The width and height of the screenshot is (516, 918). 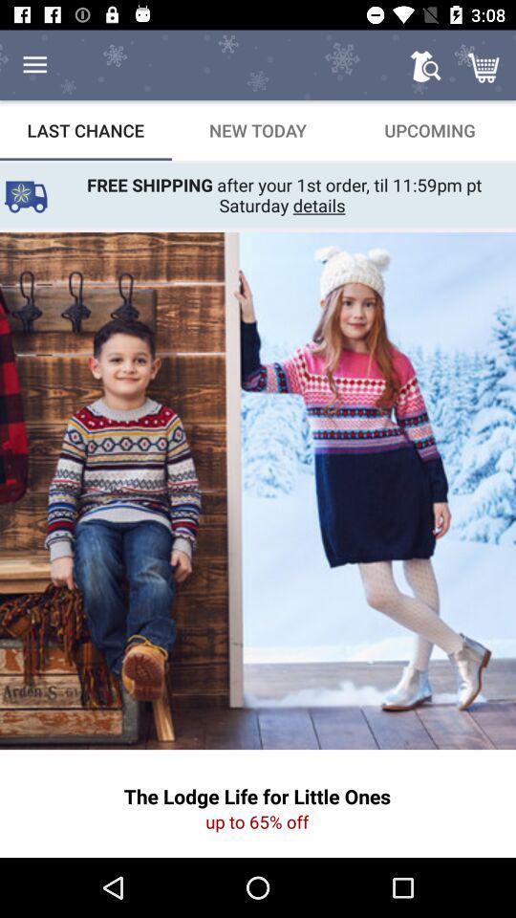 What do you see at coordinates (34, 65) in the screenshot?
I see `item above last chance item` at bounding box center [34, 65].